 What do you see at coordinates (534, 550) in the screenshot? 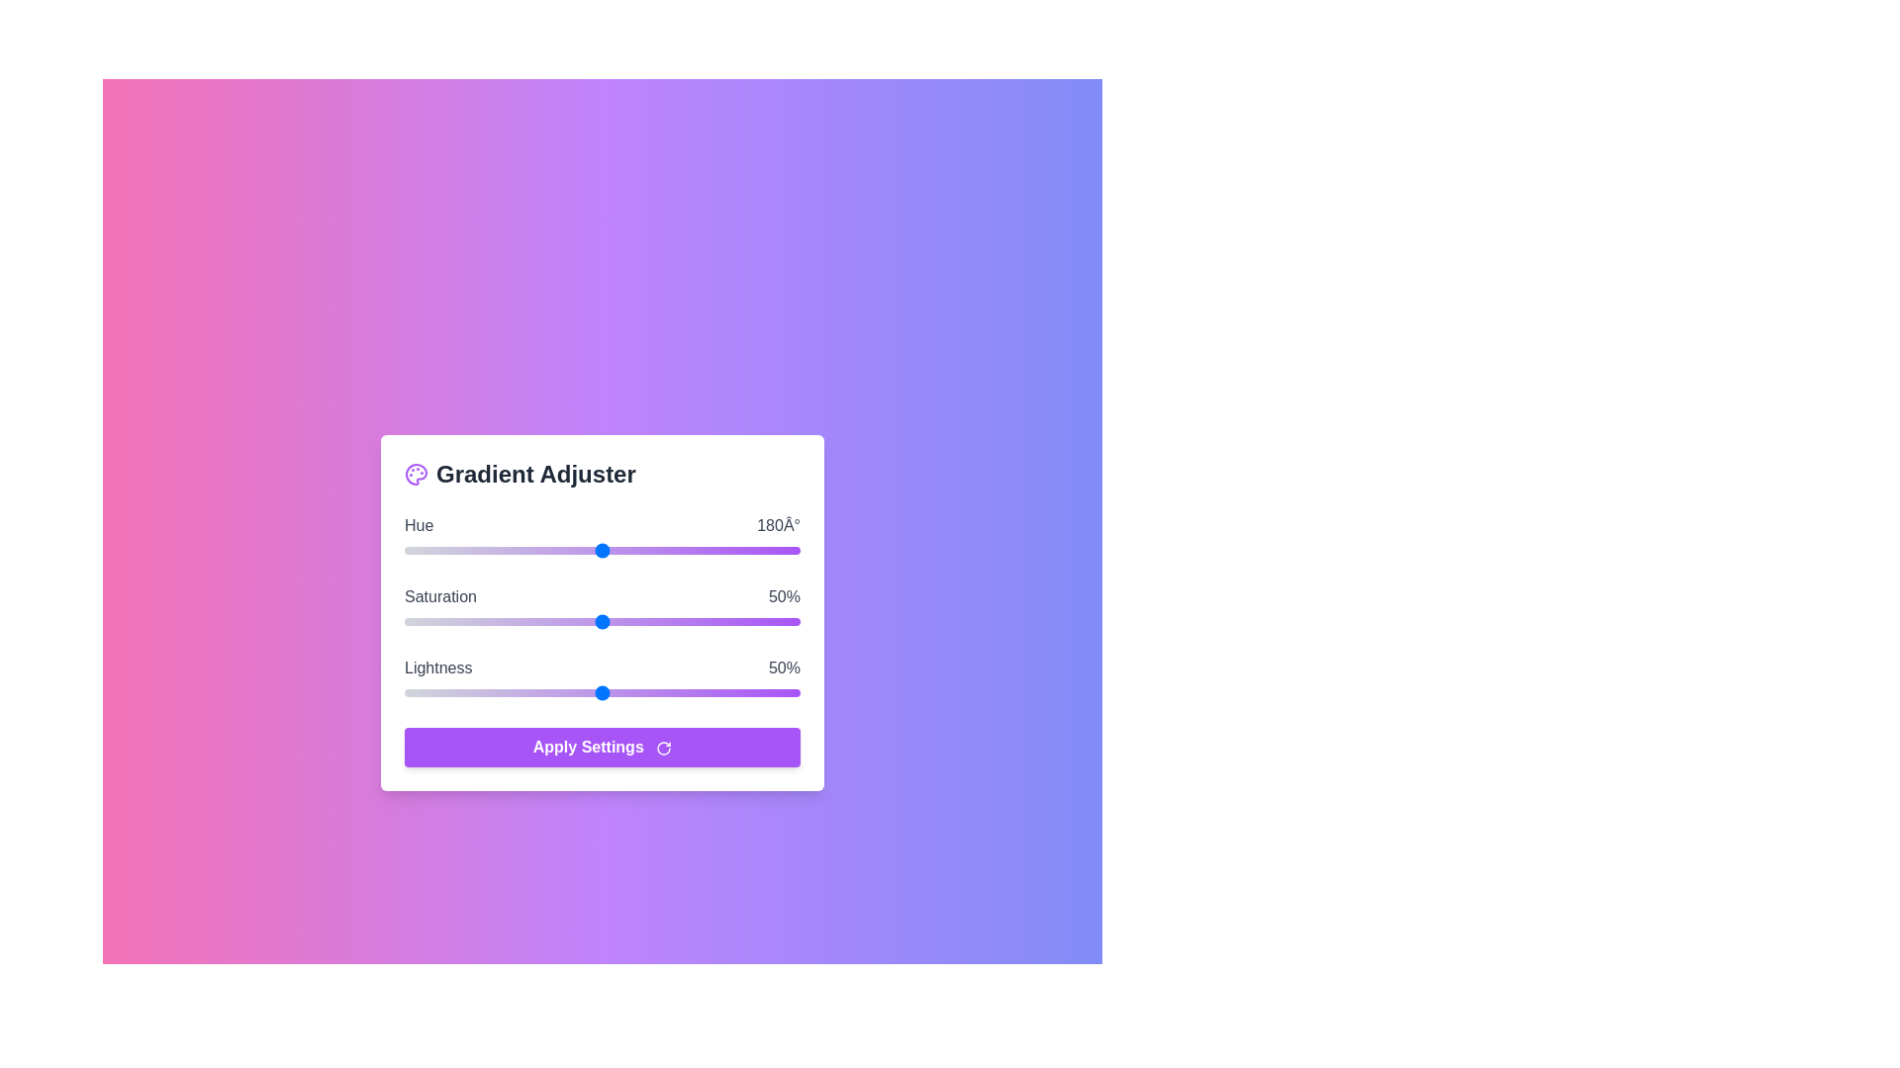
I see `the Hue slider to set the value to 118` at bounding box center [534, 550].